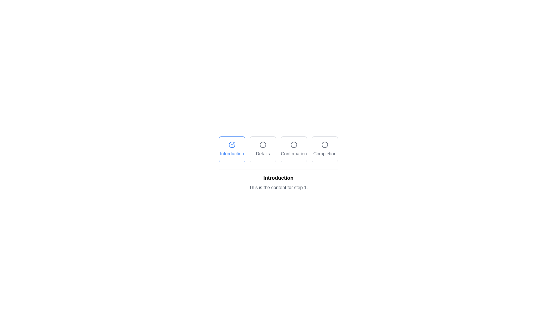 The width and height of the screenshot is (550, 309). What do you see at coordinates (262, 153) in the screenshot?
I see `the gray text label reading 'Details', which is located below a circular icon in the second selectable tab of a horizontally arranged group of tabs` at bounding box center [262, 153].